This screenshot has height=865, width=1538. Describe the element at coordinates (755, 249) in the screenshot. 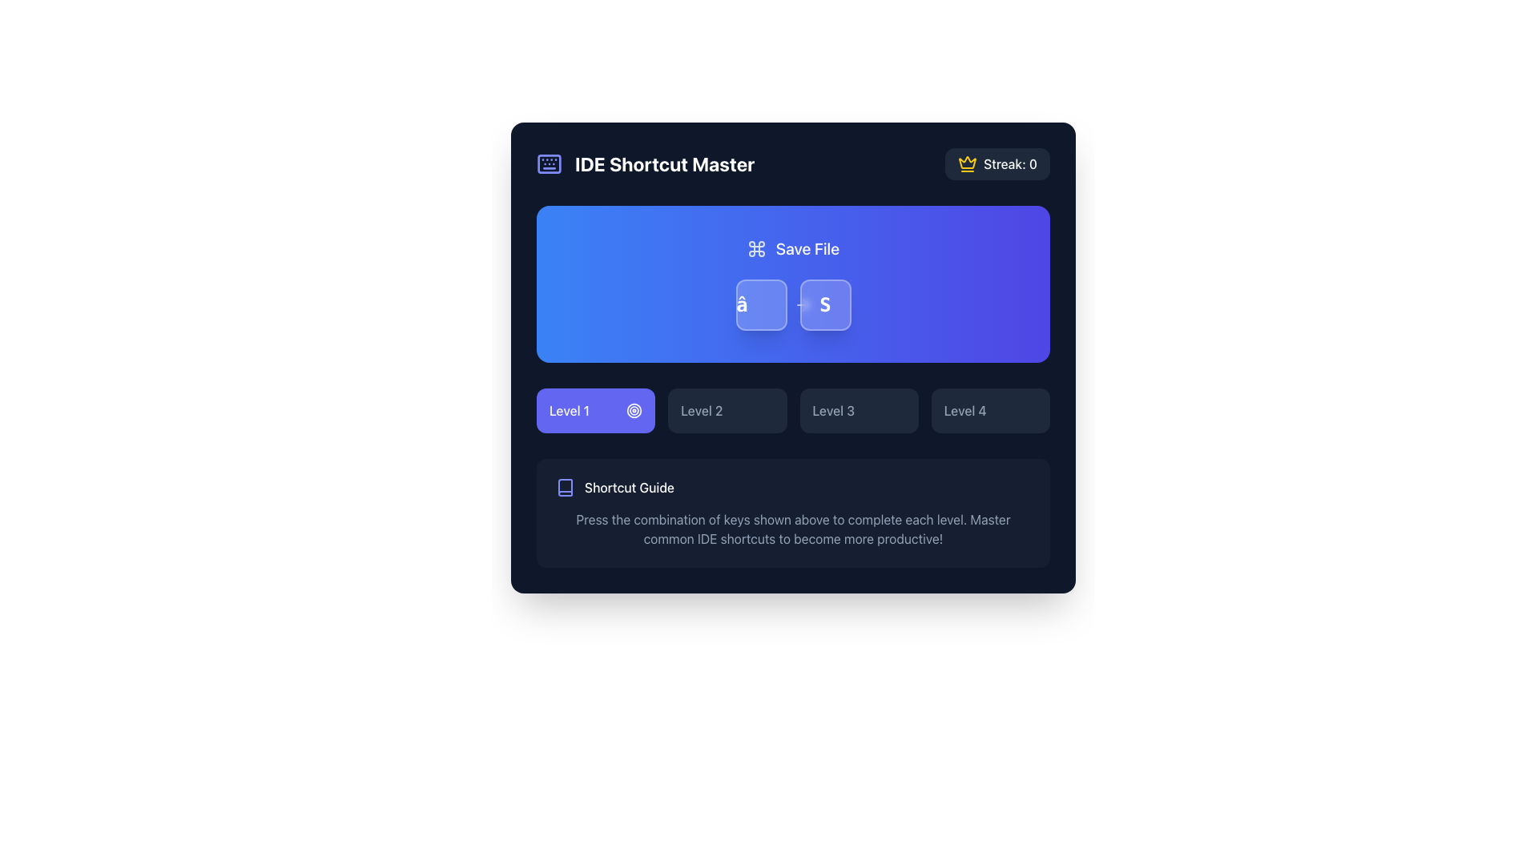

I see `the icon representing a specific action or functionality located in the upper left corner of the blue rectangular section labeled 'IDE Shortcut Master'` at that location.